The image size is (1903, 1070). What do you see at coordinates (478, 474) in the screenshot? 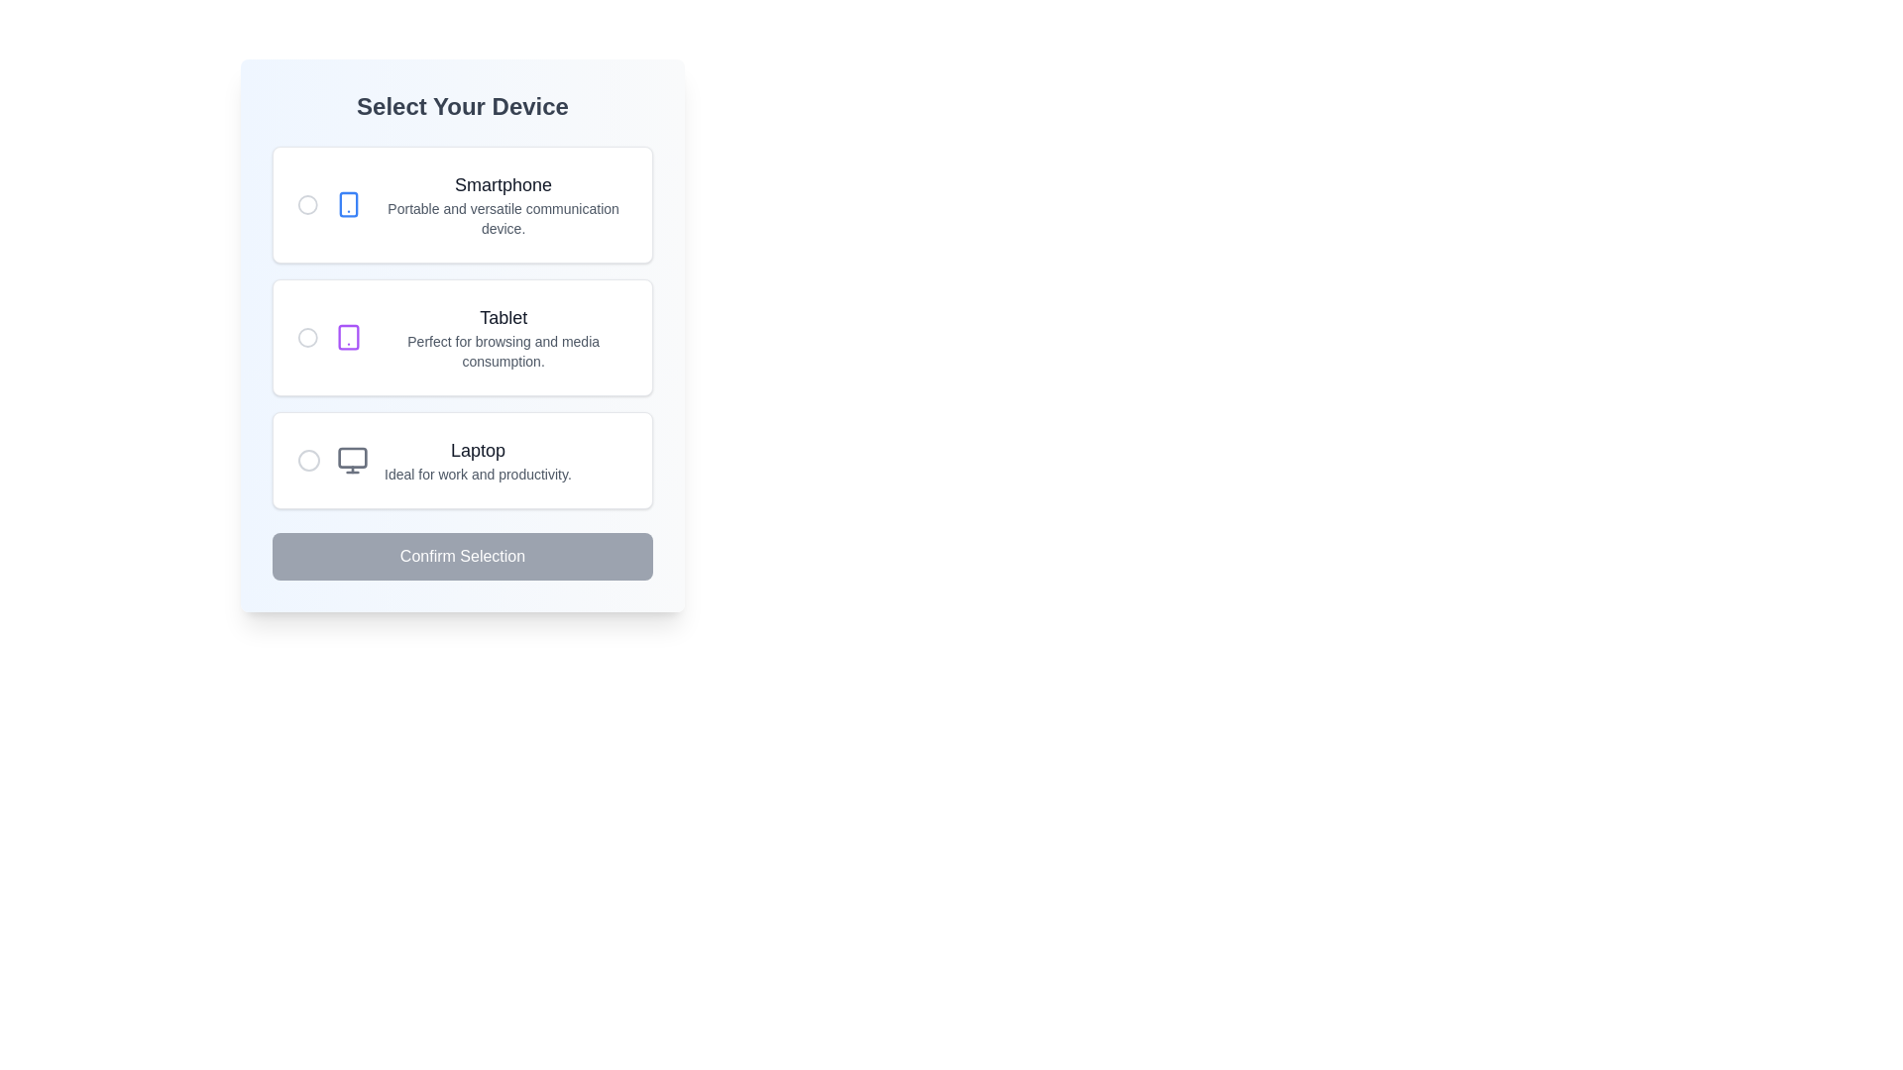
I see `descriptive text label indicating the suitability of the 'Laptop' option for work and productivity, located below the main heading 'Laptop' in the third selectable option group` at bounding box center [478, 474].